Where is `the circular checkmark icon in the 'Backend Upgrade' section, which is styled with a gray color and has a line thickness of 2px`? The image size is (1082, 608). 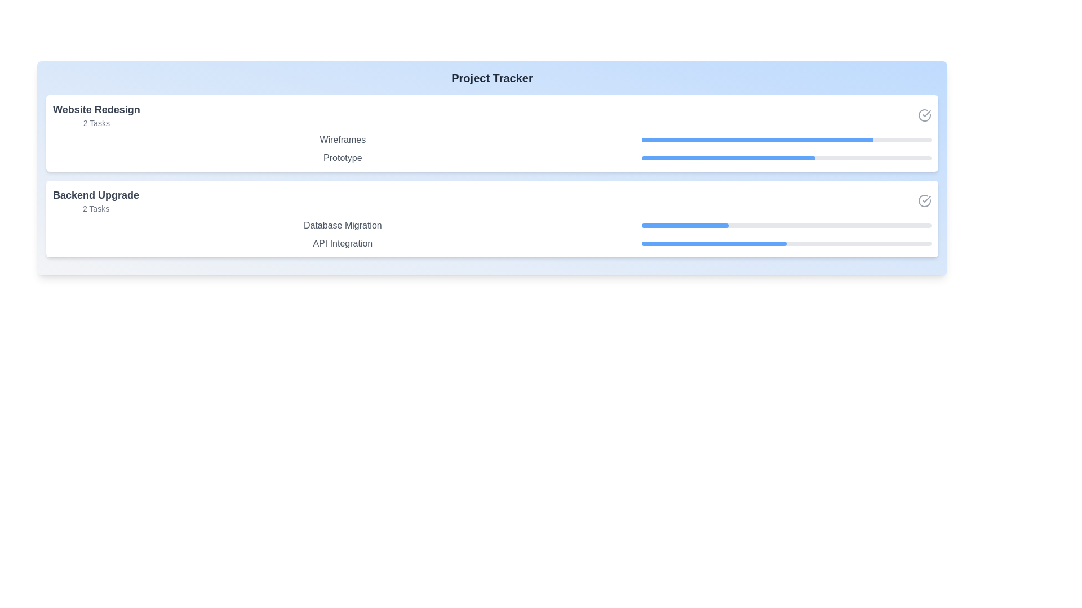
the circular checkmark icon in the 'Backend Upgrade' section, which is styled with a gray color and has a line thickness of 2px is located at coordinates (925, 200).